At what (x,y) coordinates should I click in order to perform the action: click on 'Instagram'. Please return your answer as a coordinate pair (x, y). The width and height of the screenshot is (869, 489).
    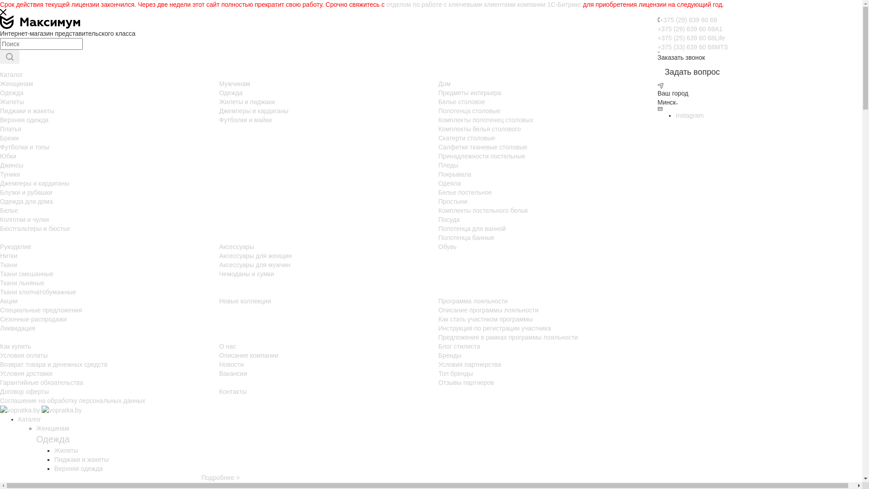
    Looking at the image, I should click on (689, 115).